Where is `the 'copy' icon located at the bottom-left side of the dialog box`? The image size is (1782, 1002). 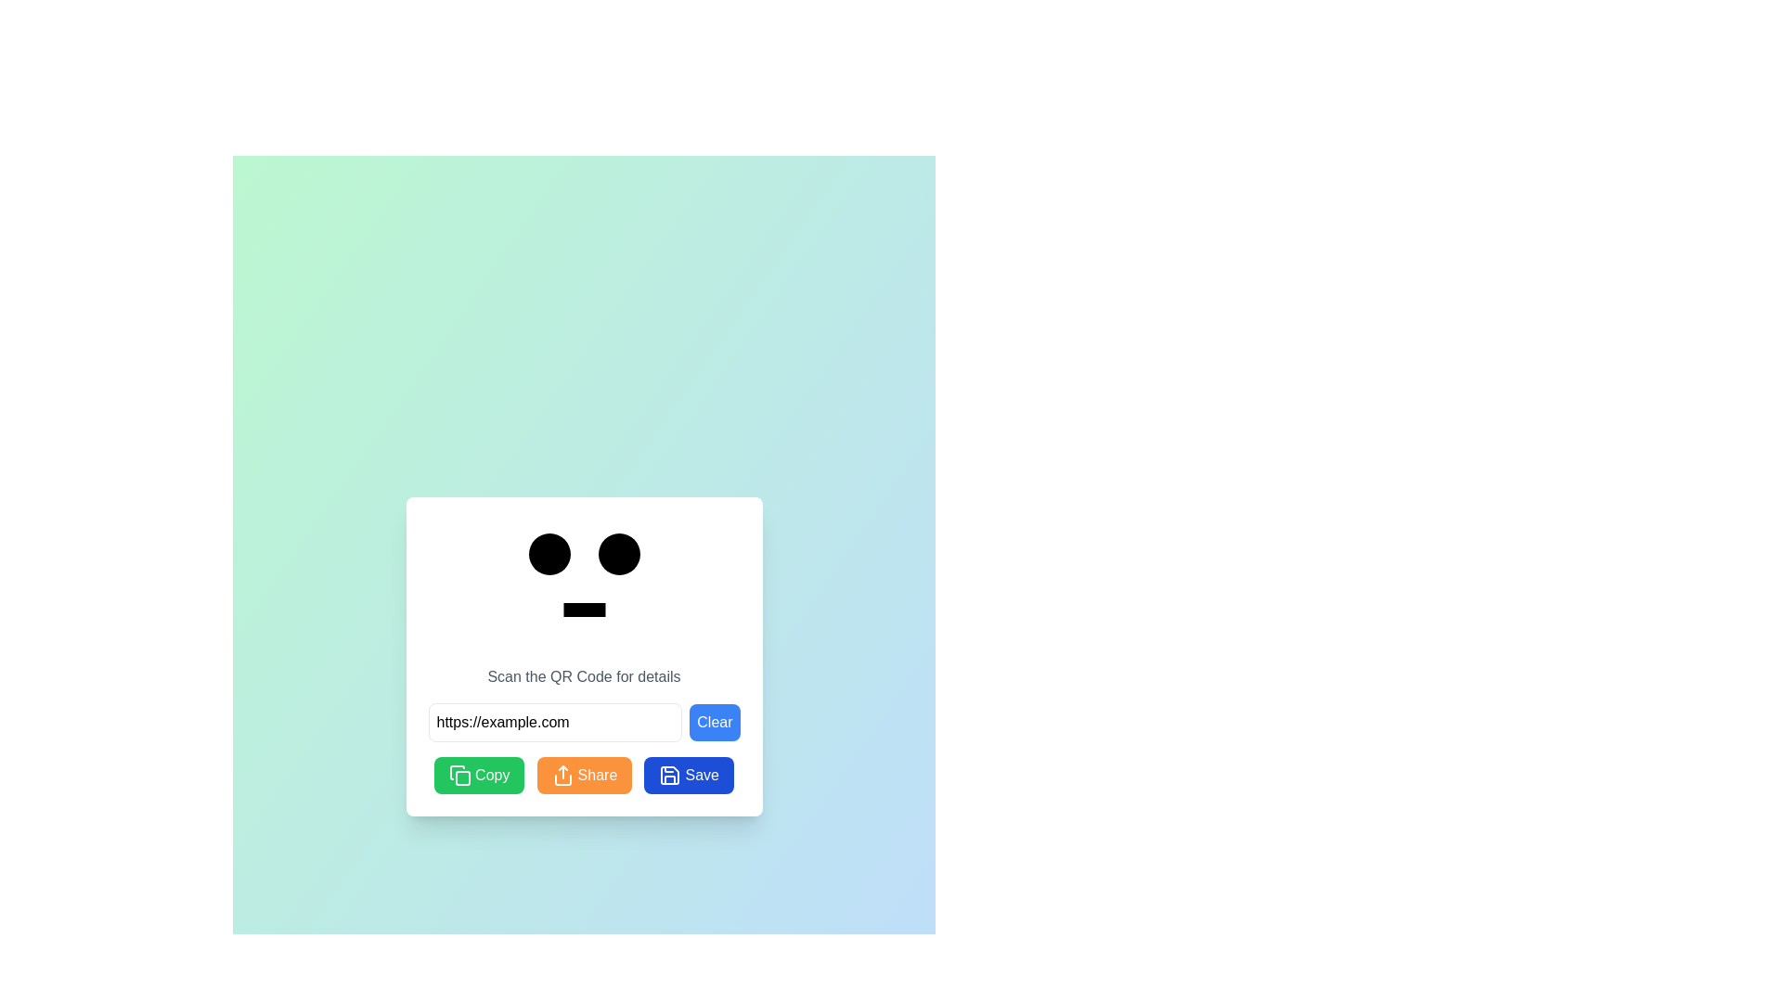
the 'copy' icon located at the bottom-left side of the dialog box is located at coordinates (458, 773).